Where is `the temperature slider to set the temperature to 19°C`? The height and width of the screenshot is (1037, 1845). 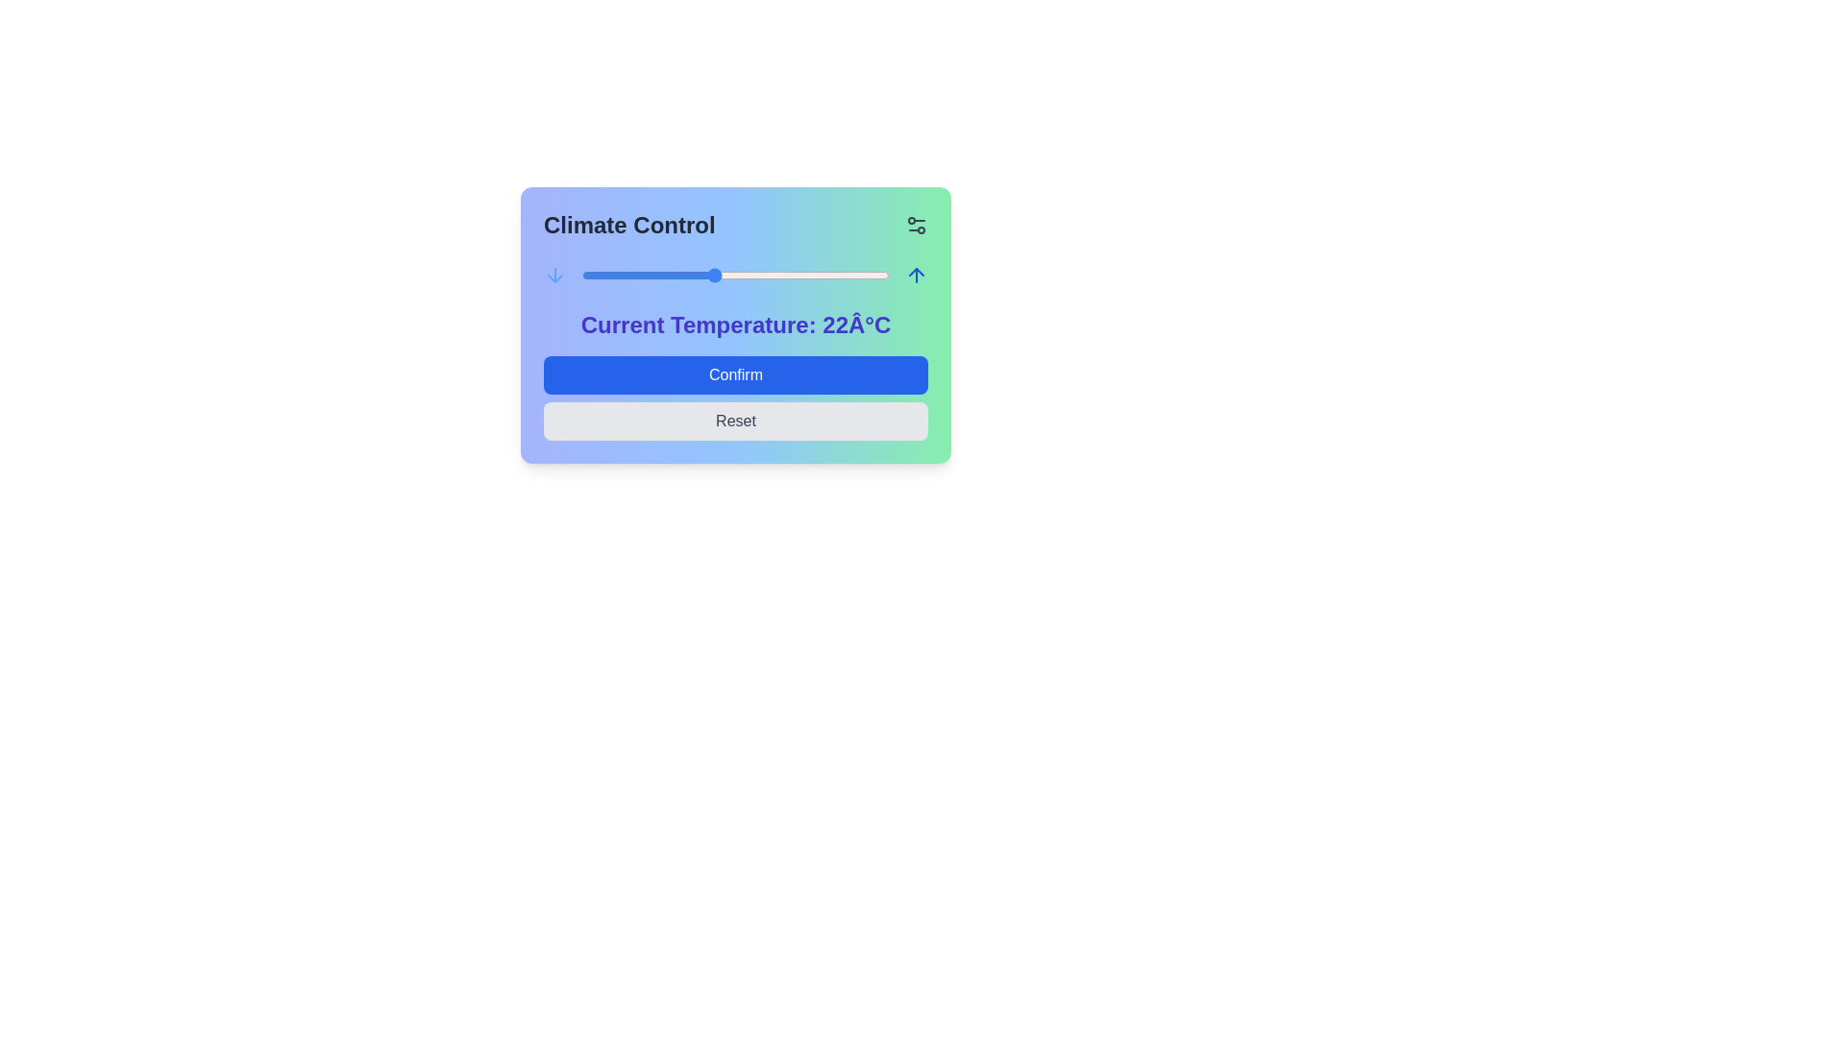
the temperature slider to set the temperature to 19°C is located at coordinates (648, 275).